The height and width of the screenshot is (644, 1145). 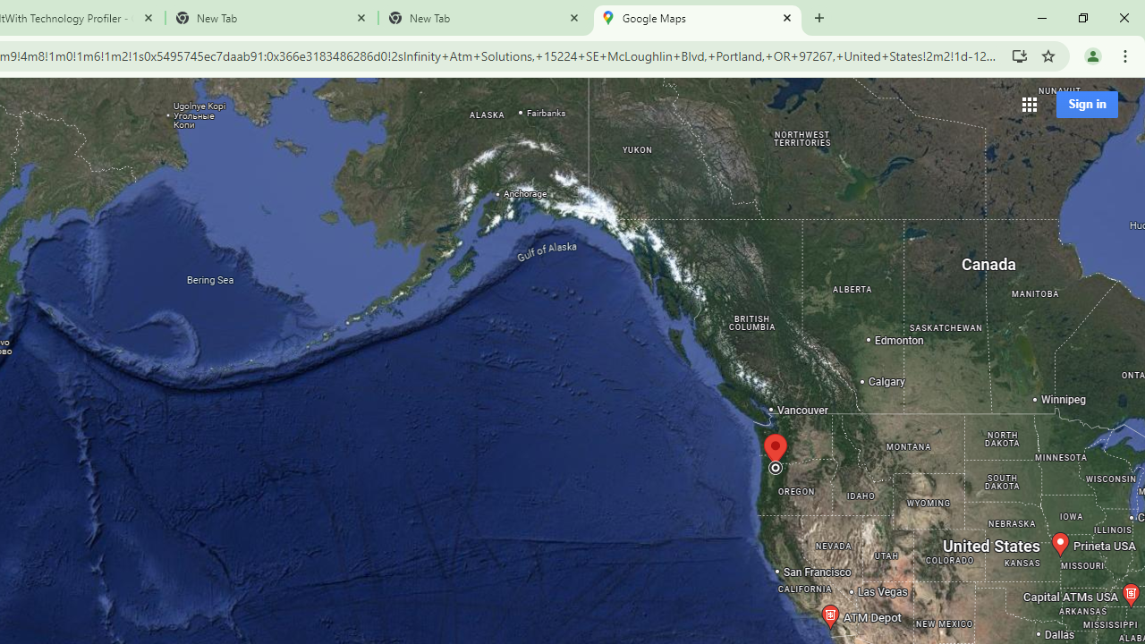 I want to click on 'Google apps', so click(x=1029, y=104).